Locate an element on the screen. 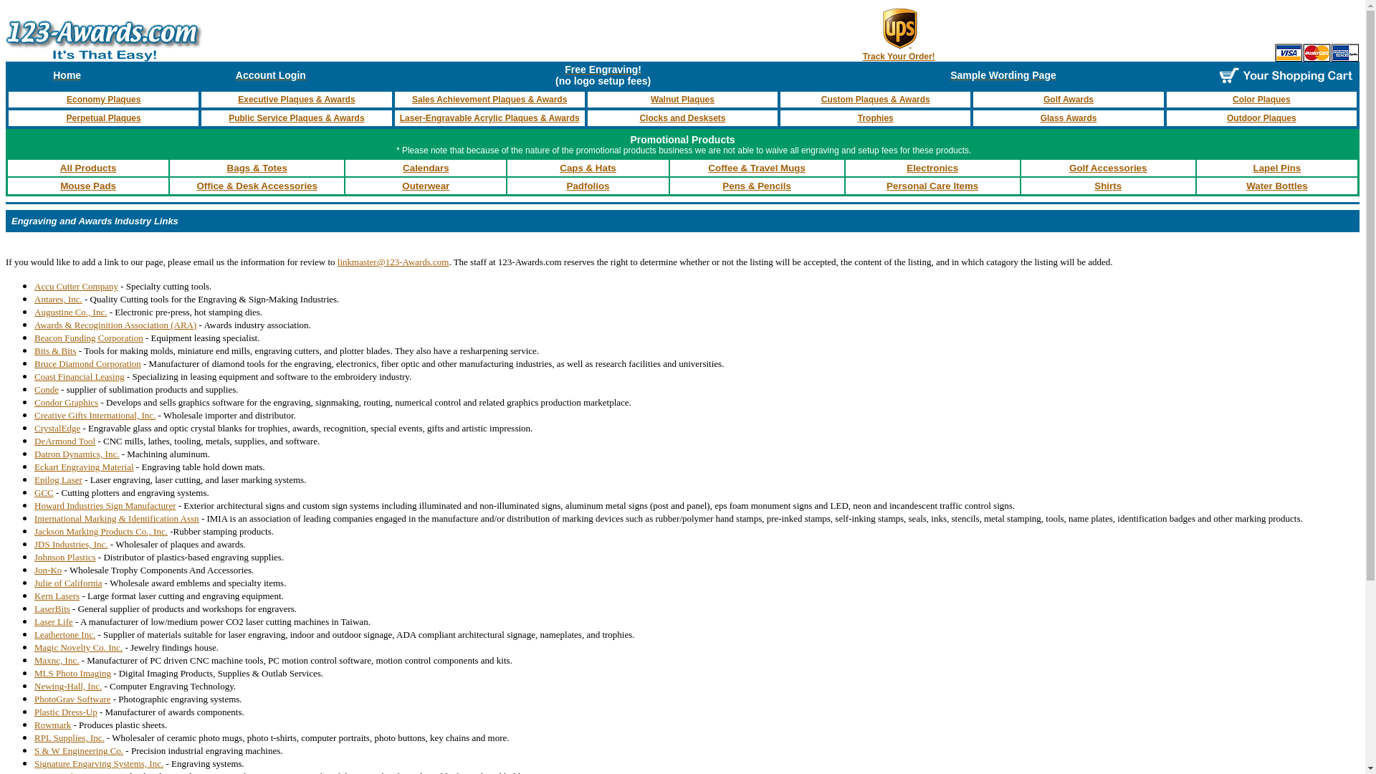 The height and width of the screenshot is (774, 1376). 'Datron Dynamics, Inc.' is located at coordinates (75, 454).